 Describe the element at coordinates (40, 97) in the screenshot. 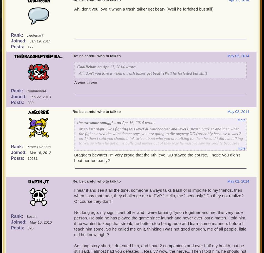

I see `'Jan 22, 2013'` at that location.